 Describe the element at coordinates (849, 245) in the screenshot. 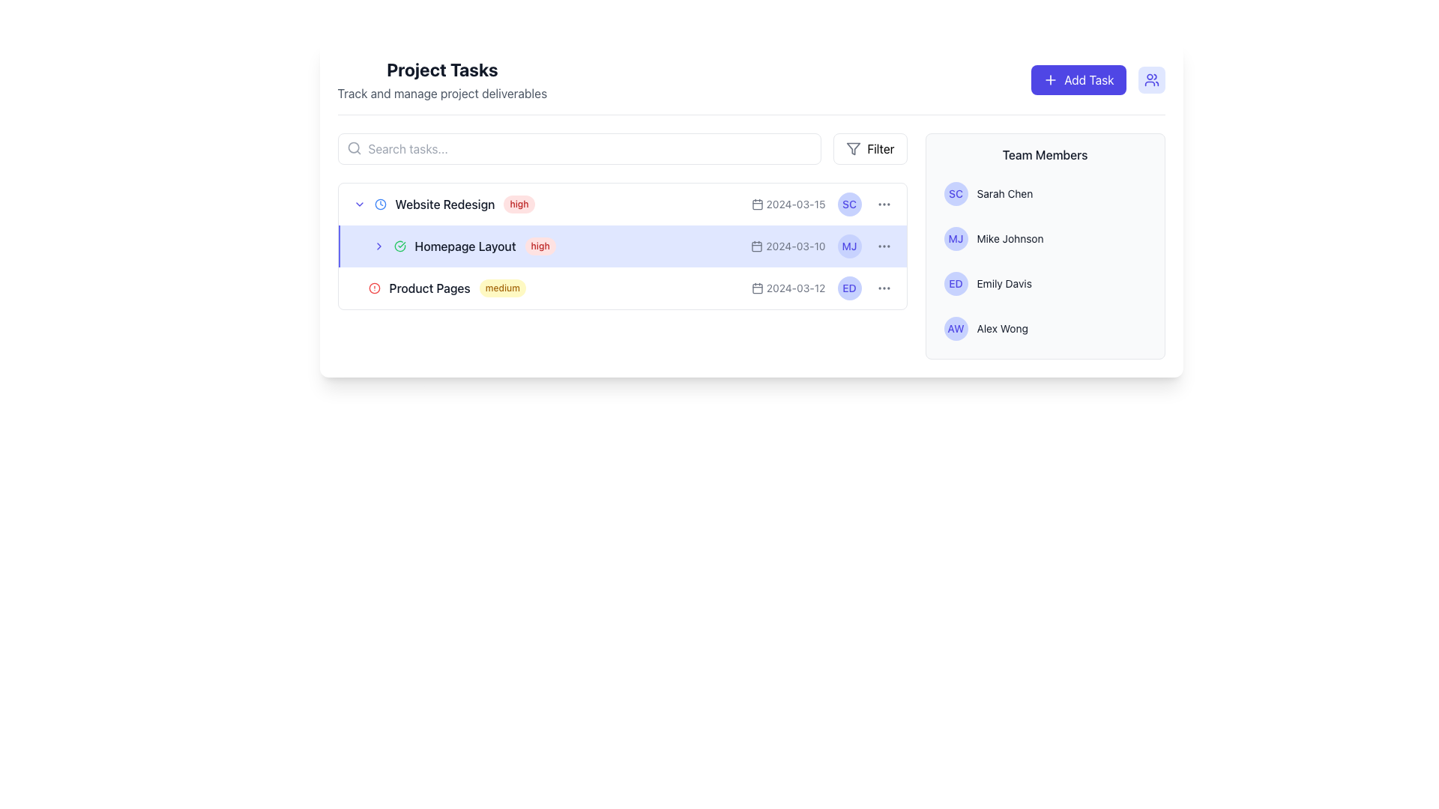

I see `the Avatar or Circular Badge representing 'Mike Johnson', which is positioned next to the task labeled 'Homepage Layout'` at that location.